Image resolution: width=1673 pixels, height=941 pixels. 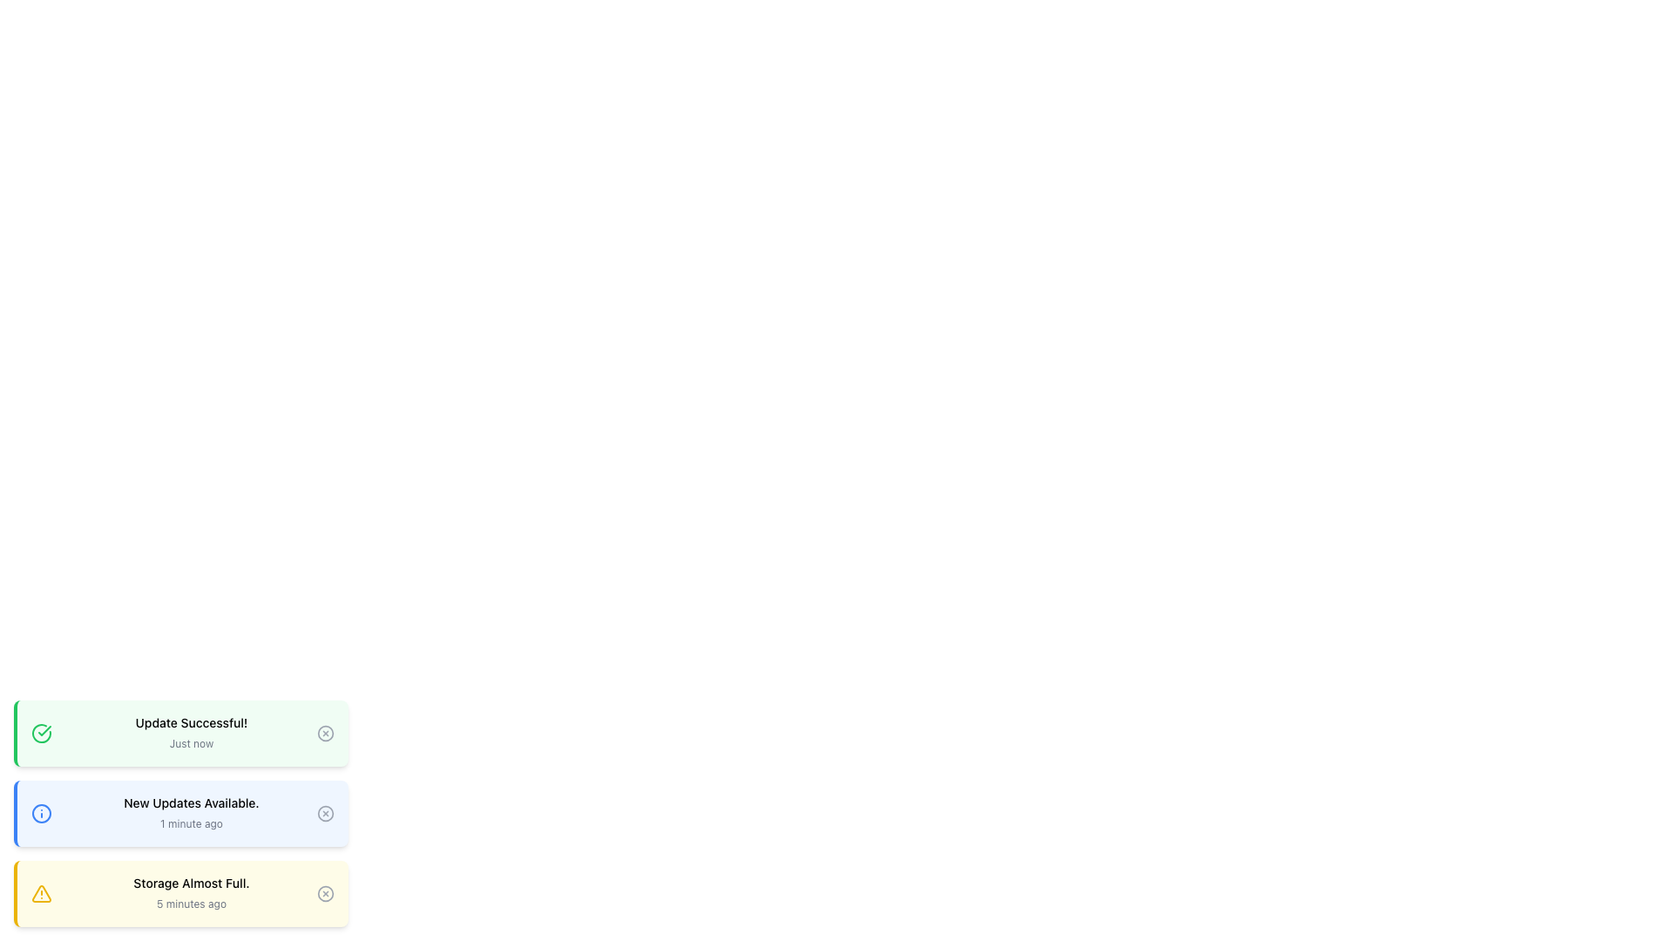 I want to click on text block displaying 'Storage Almost Full.' and '5 minutes ago', which is located in the lower portion of the yellow warning box, so click(x=192, y=894).